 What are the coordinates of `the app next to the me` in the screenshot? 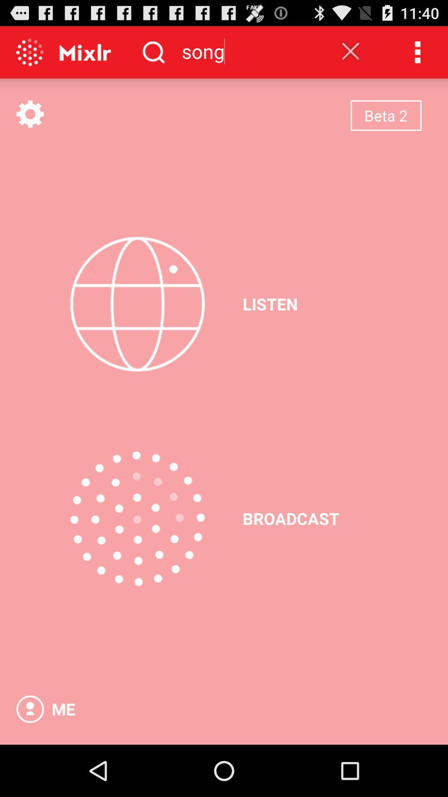 It's located at (29, 709).